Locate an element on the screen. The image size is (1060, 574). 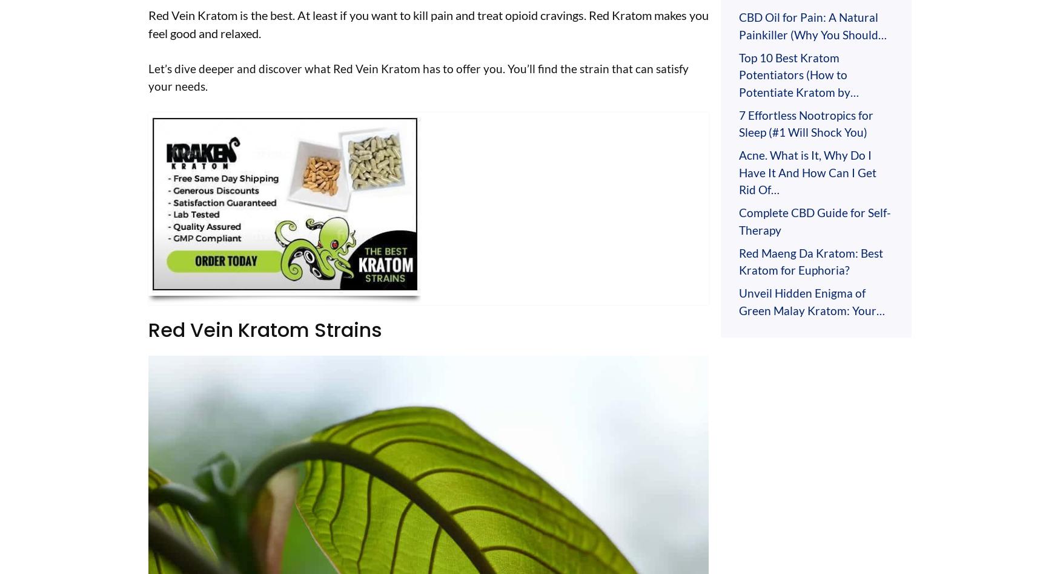
'CBD Oil for Pain: A Natural Painkiller (Why You Should…' is located at coordinates (813, 25).